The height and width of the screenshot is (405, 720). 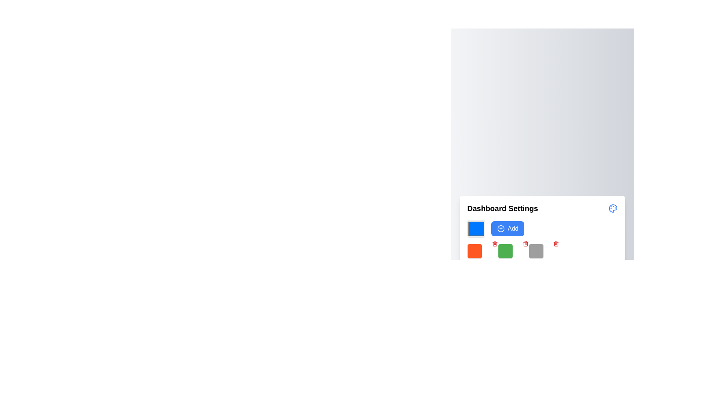 I want to click on the decorative middle vertical rectangle of the trash bin icon located in the 'Dashboard Settings' section, right of the green square, so click(x=525, y=244).